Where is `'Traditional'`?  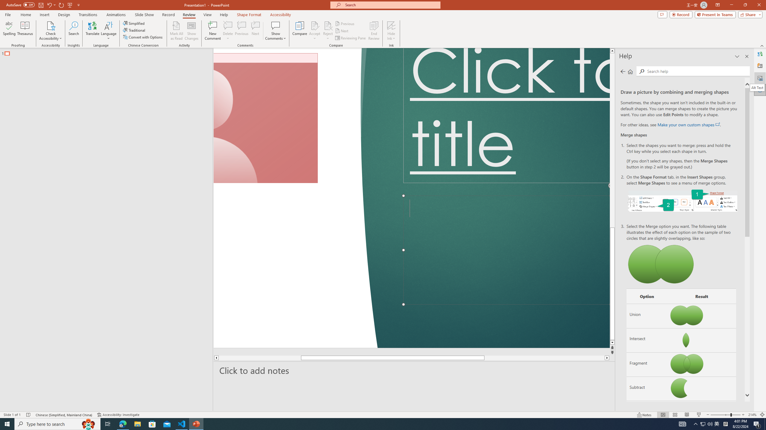
'Traditional' is located at coordinates (134, 30).